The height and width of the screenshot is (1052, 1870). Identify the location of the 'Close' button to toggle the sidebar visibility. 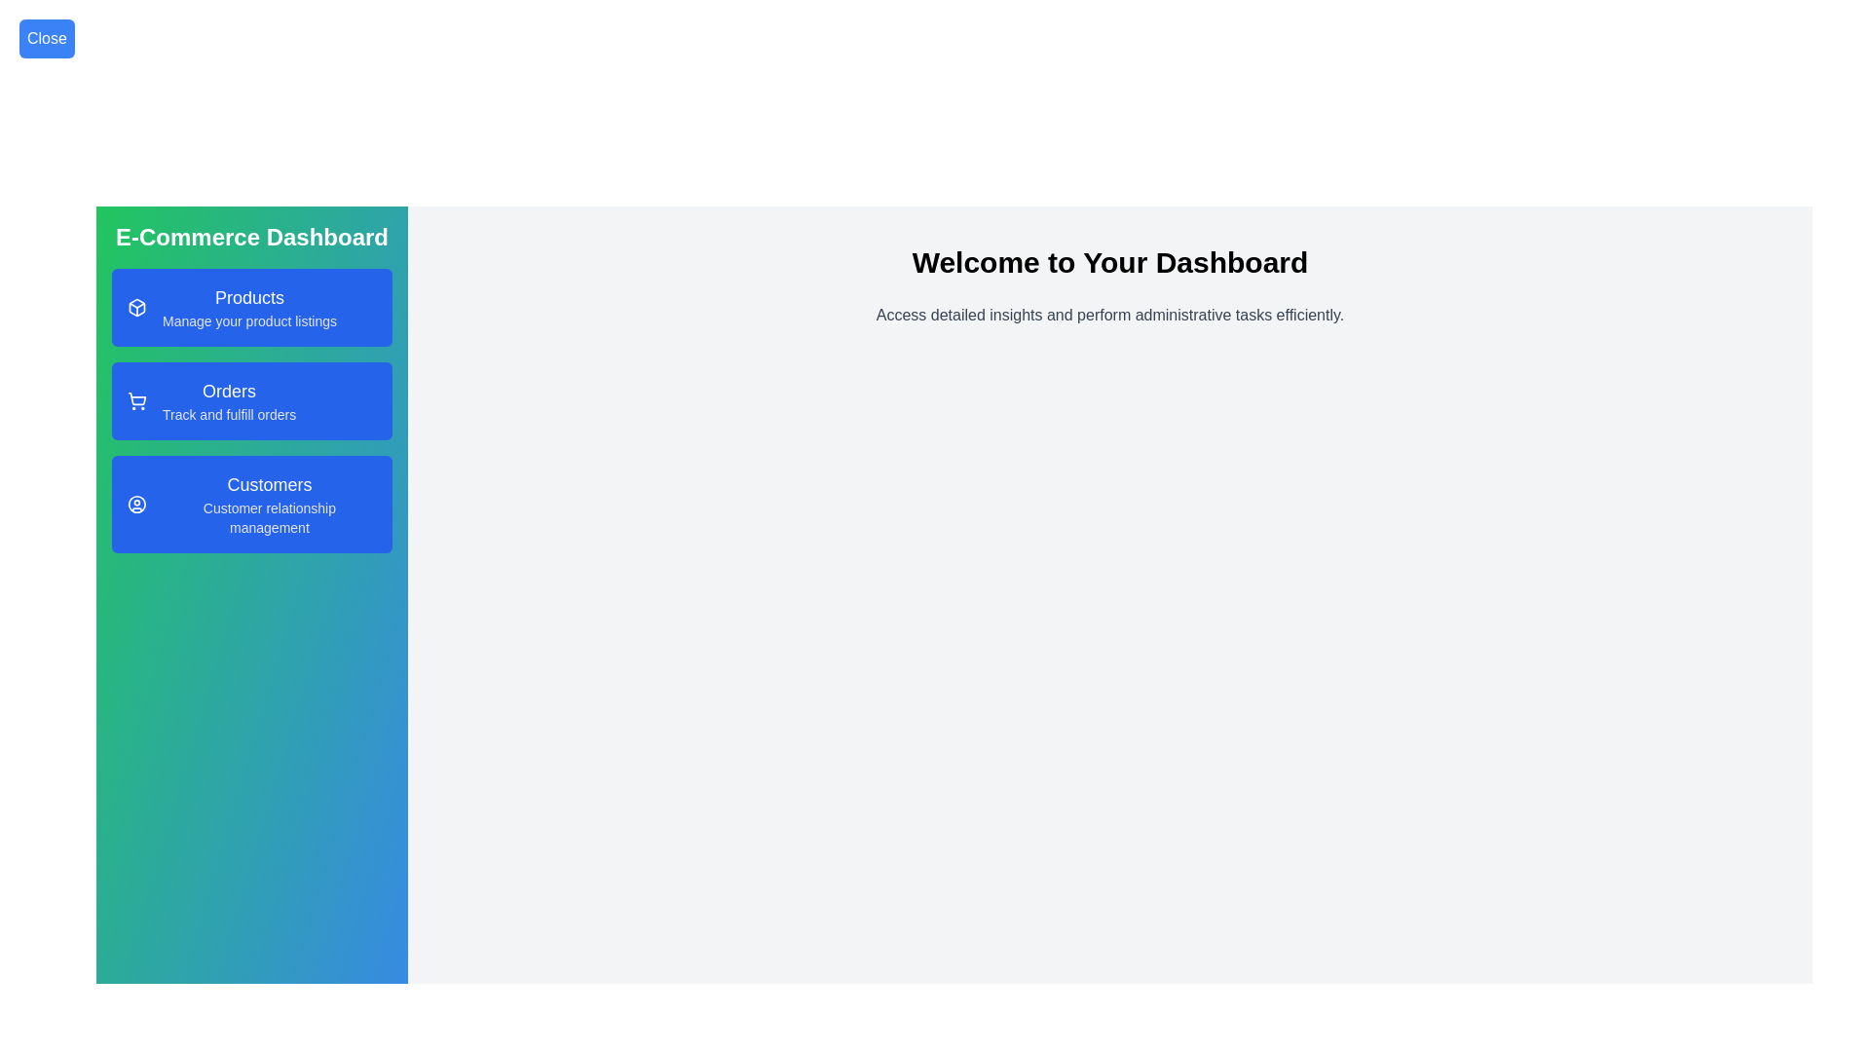
(47, 38).